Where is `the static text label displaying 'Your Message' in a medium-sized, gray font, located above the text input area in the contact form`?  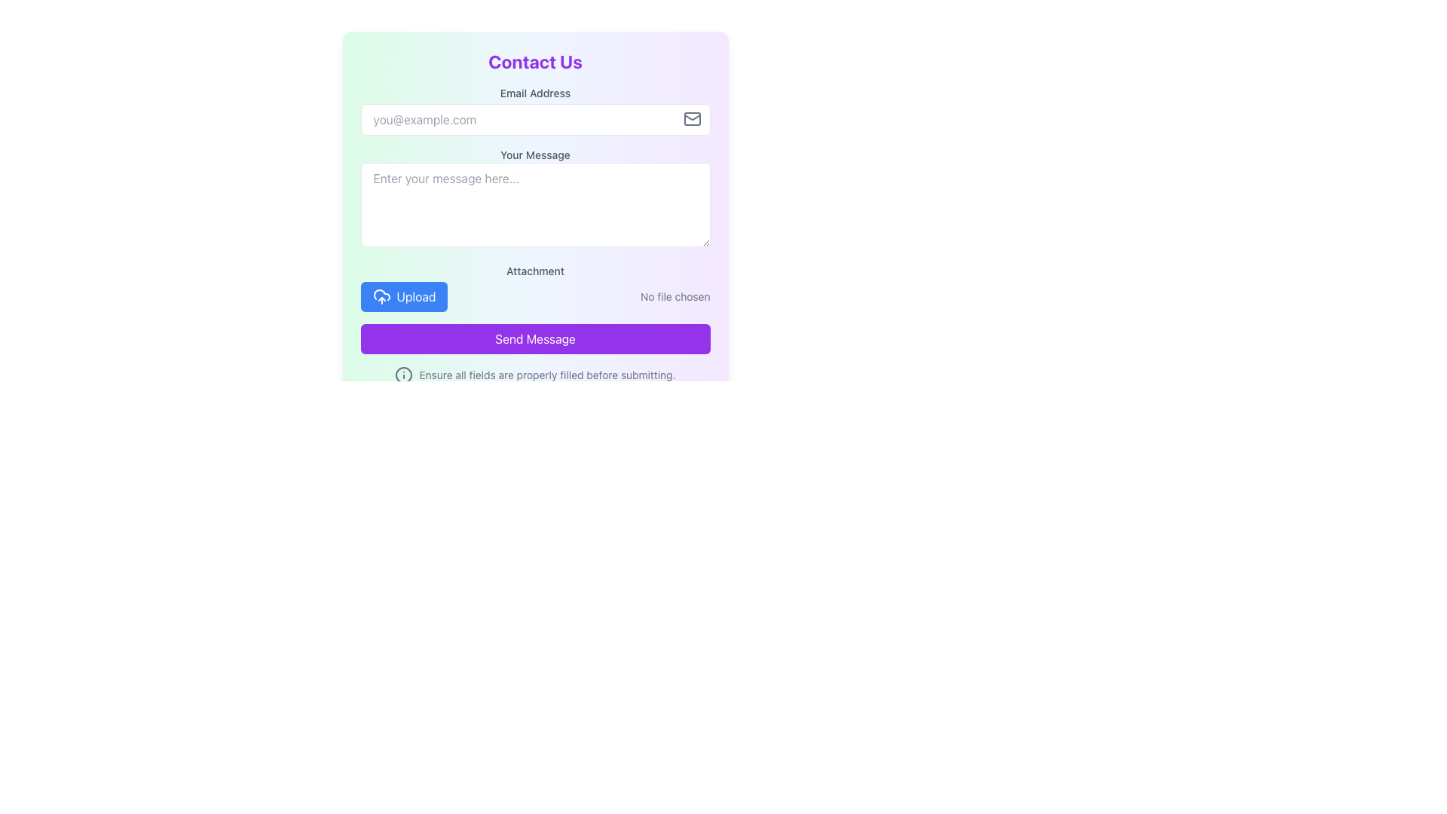
the static text label displaying 'Your Message' in a medium-sized, gray font, located above the text input area in the contact form is located at coordinates (535, 155).